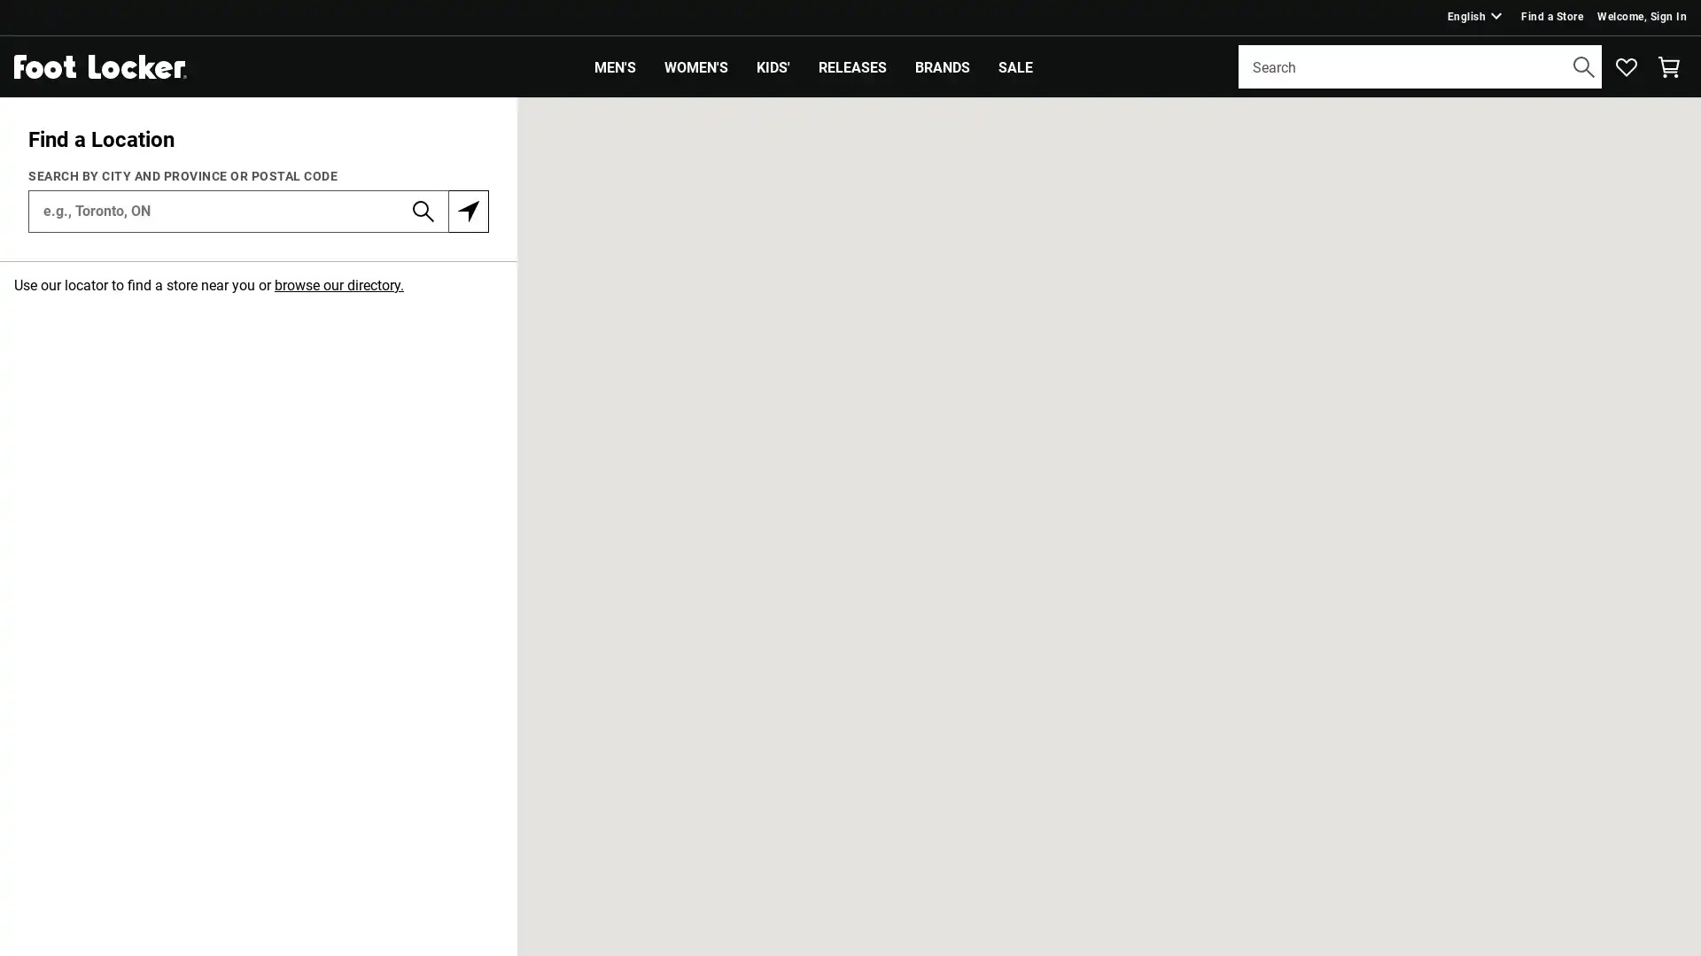 The height and width of the screenshot is (956, 1701). Describe the element at coordinates (1583, 65) in the screenshot. I see `Submit a search.` at that location.